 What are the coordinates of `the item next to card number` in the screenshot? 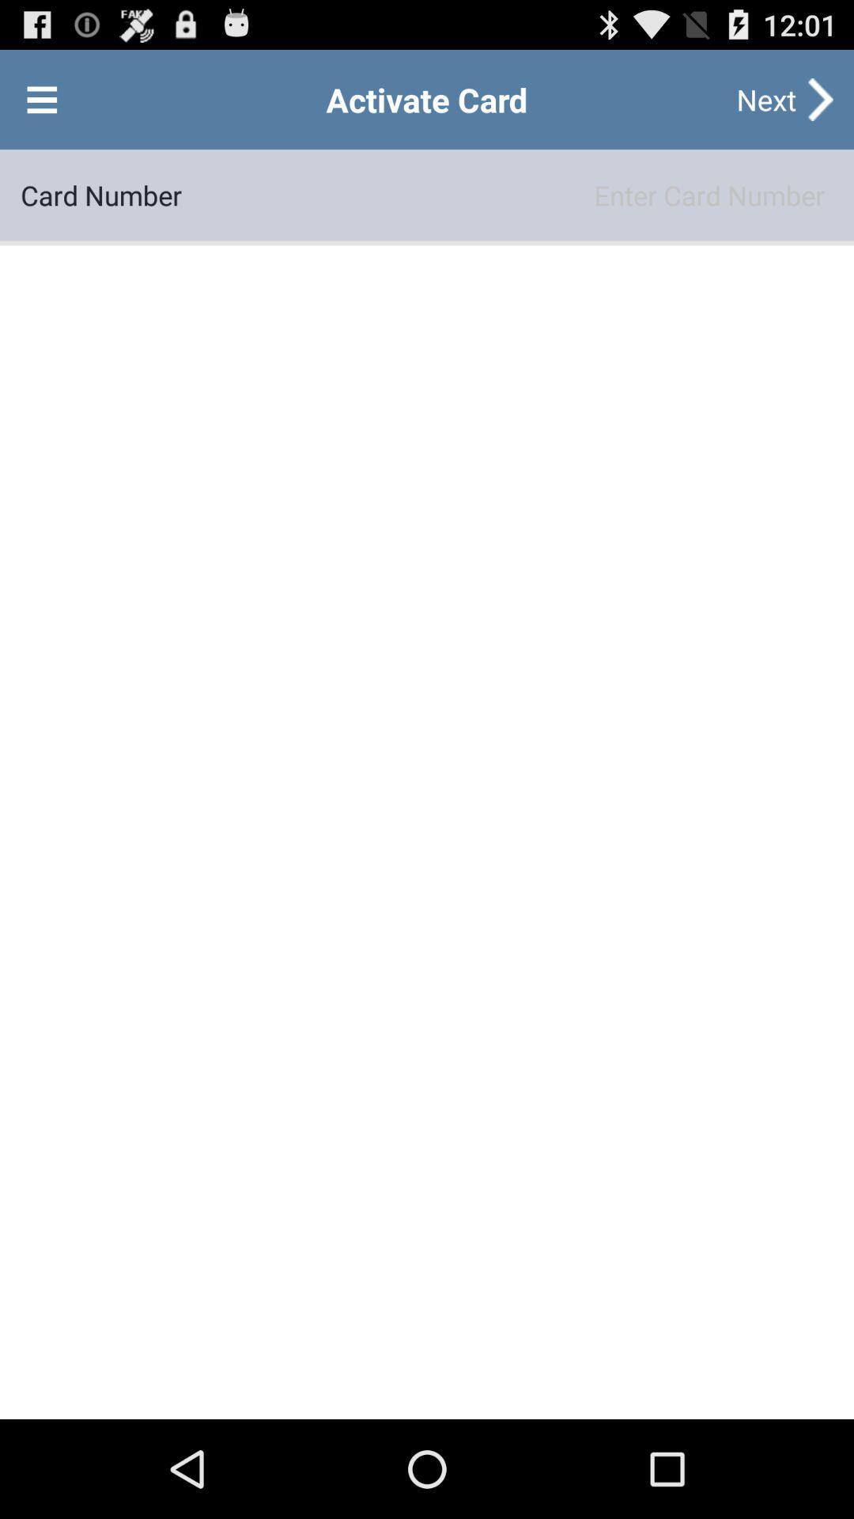 It's located at (507, 194).